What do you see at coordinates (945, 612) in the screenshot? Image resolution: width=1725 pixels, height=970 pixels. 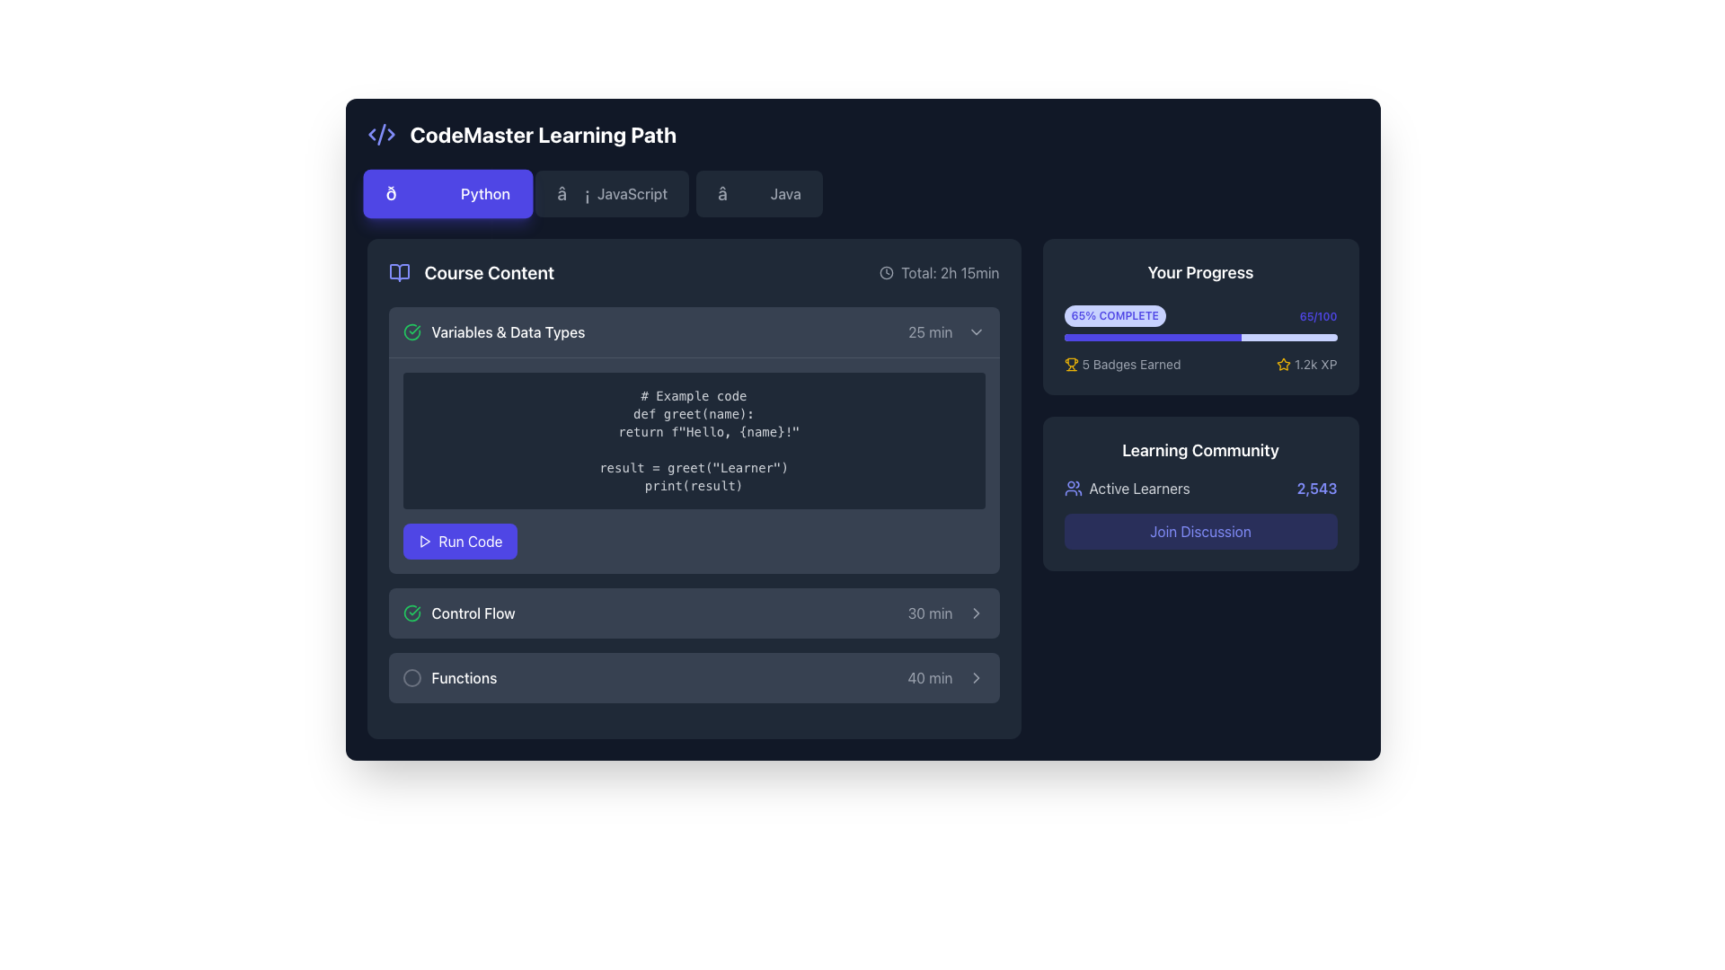 I see `the informational label displaying '30 min' with a right-facing arrow icon, located near the bottom-right corner of the Control Flow item in the course list` at bounding box center [945, 612].